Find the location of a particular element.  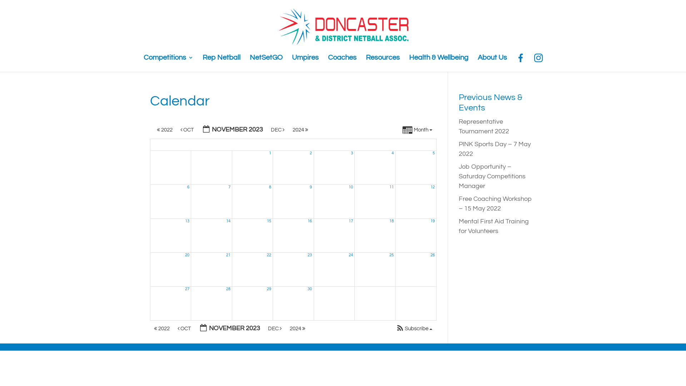

'13' is located at coordinates (185, 221).